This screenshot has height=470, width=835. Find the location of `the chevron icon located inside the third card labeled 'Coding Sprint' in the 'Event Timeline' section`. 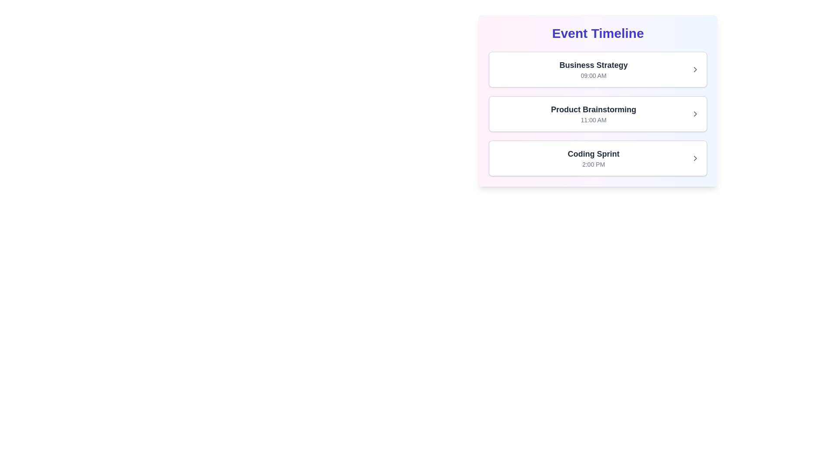

the chevron icon located inside the third card labeled 'Coding Sprint' in the 'Event Timeline' section is located at coordinates (695, 158).